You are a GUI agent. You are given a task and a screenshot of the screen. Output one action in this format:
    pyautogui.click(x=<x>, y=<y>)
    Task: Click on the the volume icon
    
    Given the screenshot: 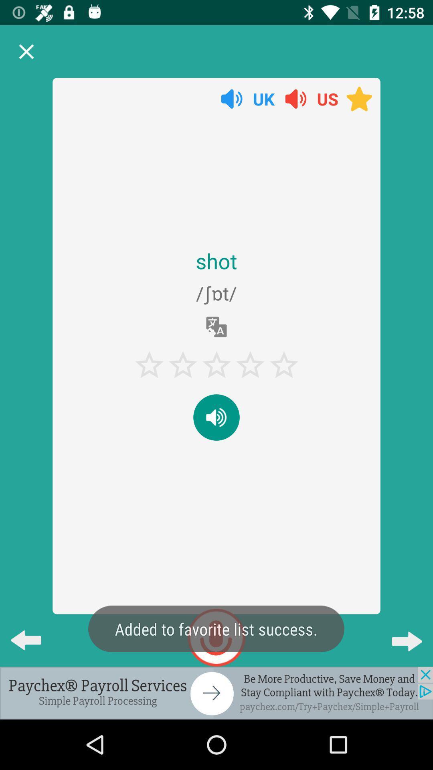 What is the action you would take?
    pyautogui.click(x=216, y=417)
    